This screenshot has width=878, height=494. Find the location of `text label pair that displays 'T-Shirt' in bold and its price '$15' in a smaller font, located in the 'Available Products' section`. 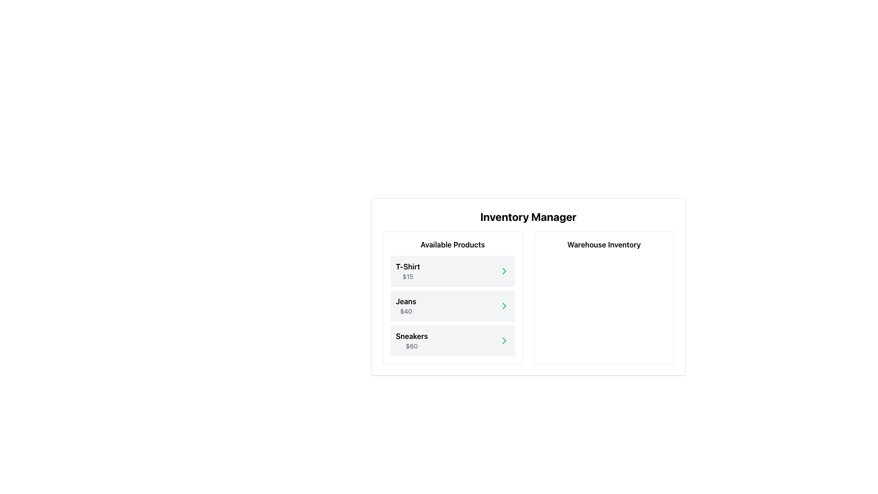

text label pair that displays 'T-Shirt' in bold and its price '$15' in a smaller font, located in the 'Available Products' section is located at coordinates (407, 271).